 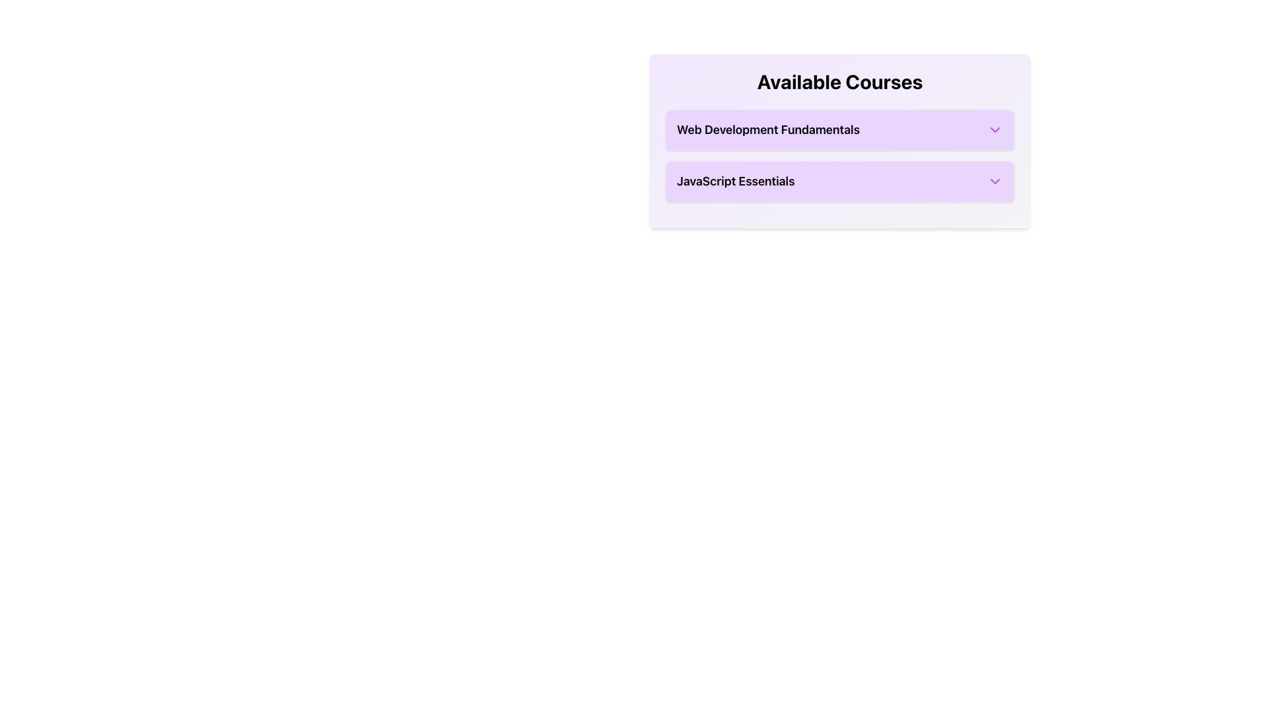 What do you see at coordinates (839, 129) in the screenshot?
I see `the 'Web Development Fundamentals' text` at bounding box center [839, 129].